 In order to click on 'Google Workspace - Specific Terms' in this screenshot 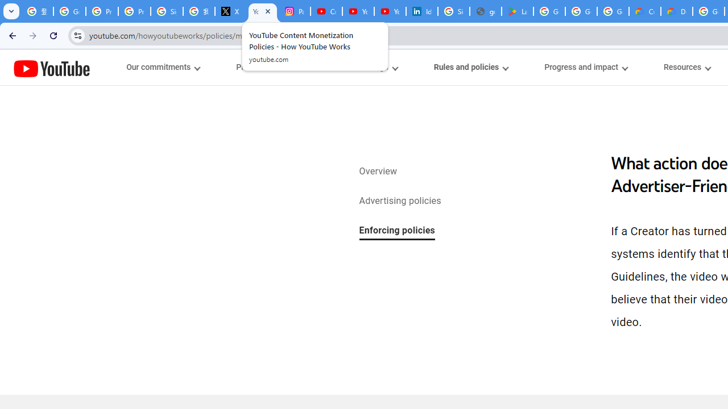, I will do `click(581, 11)`.